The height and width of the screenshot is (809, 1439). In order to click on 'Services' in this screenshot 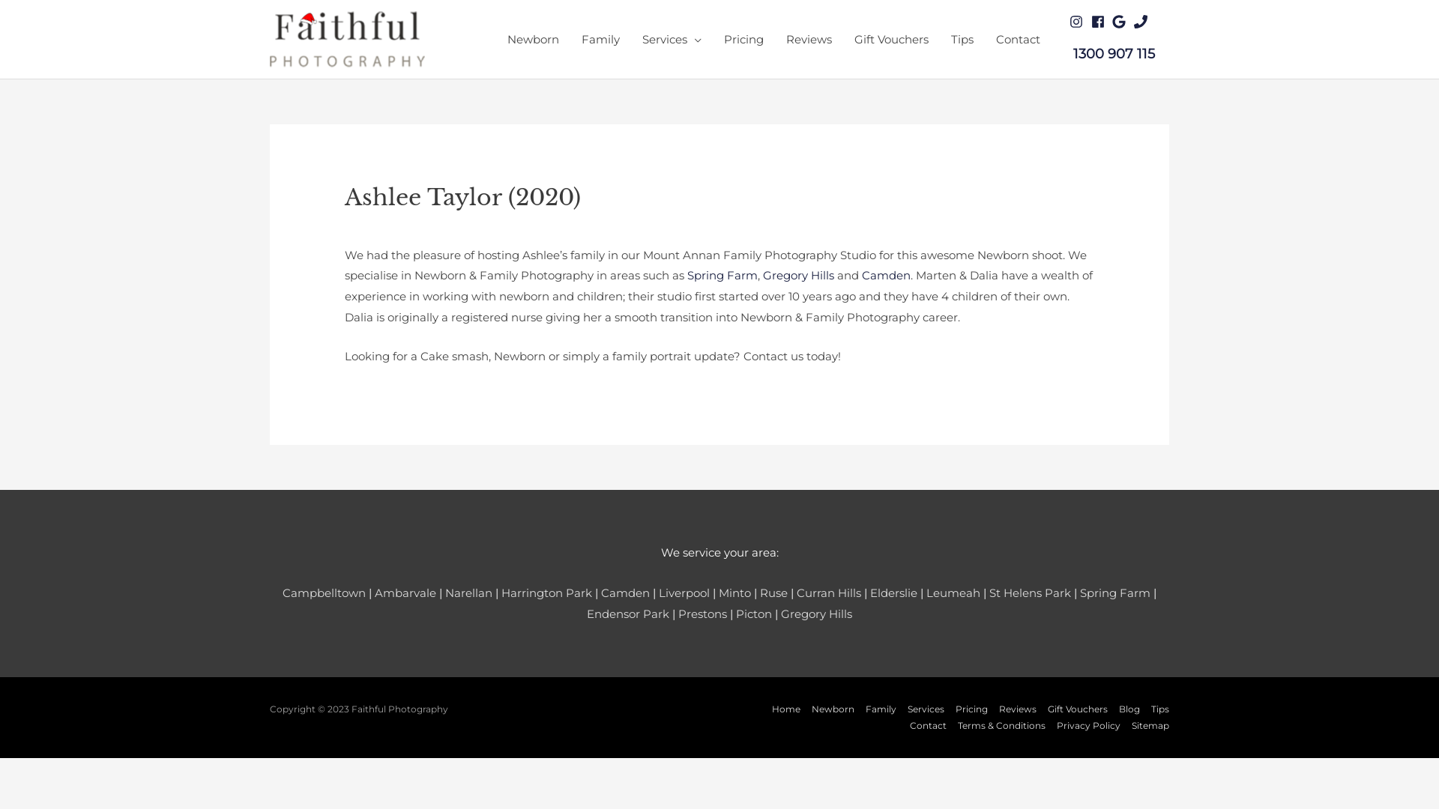, I will do `click(920, 708)`.